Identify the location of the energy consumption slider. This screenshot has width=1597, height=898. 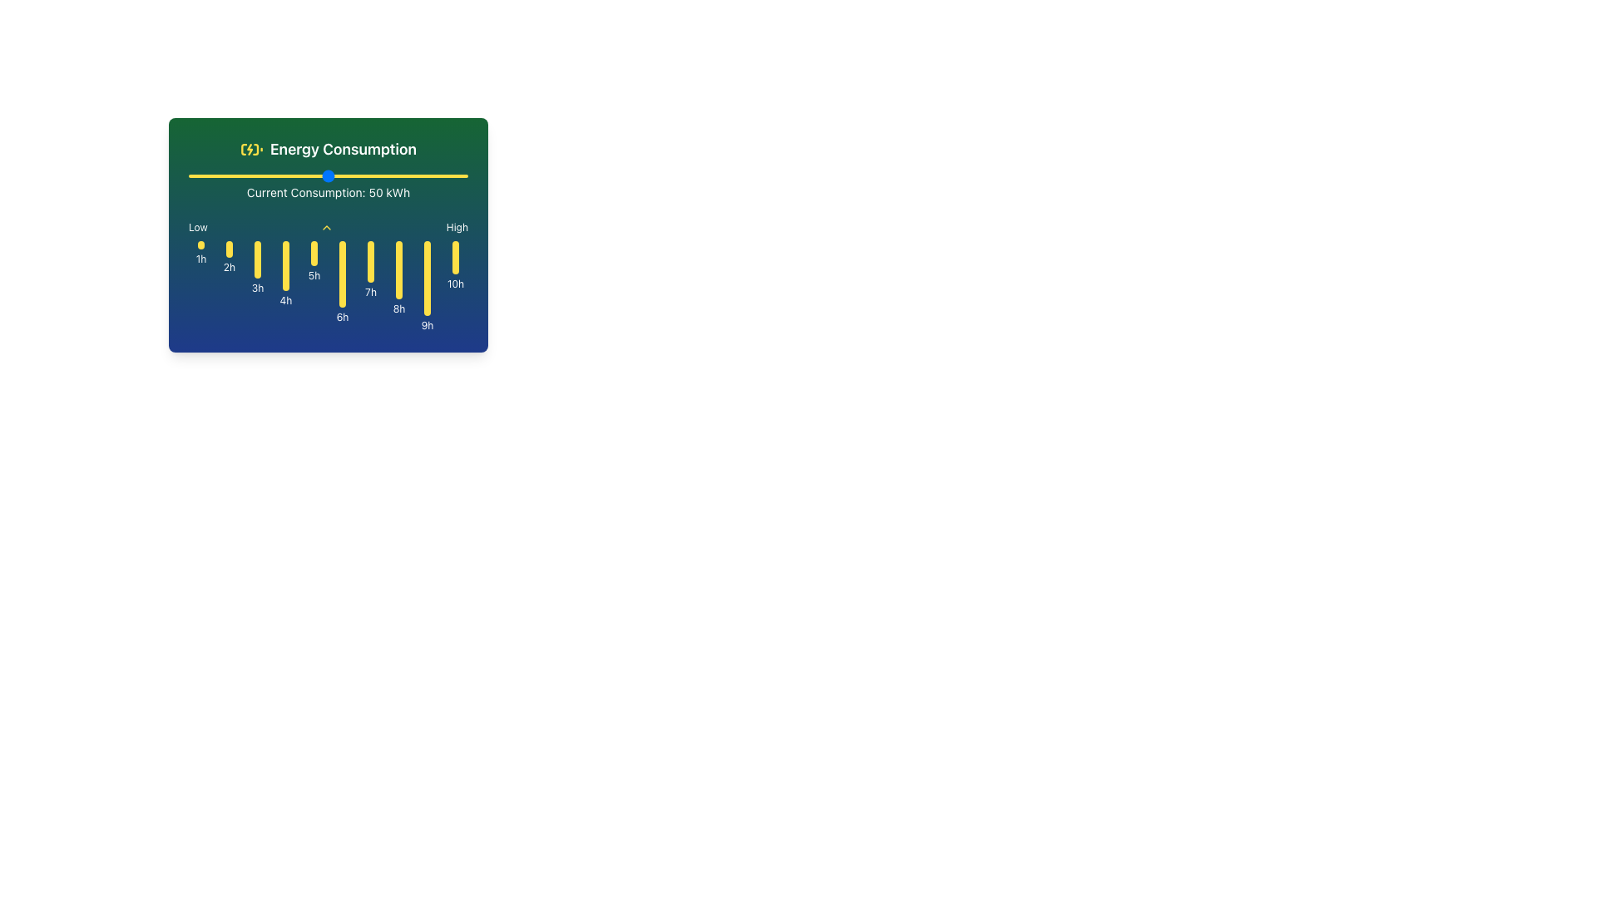
(401, 177).